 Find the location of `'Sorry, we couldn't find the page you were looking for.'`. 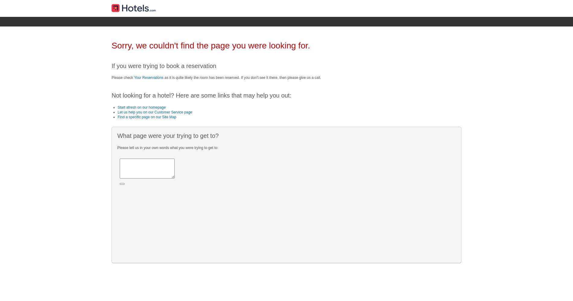

'Sorry, we couldn't find the page you were looking for.' is located at coordinates (211, 45).